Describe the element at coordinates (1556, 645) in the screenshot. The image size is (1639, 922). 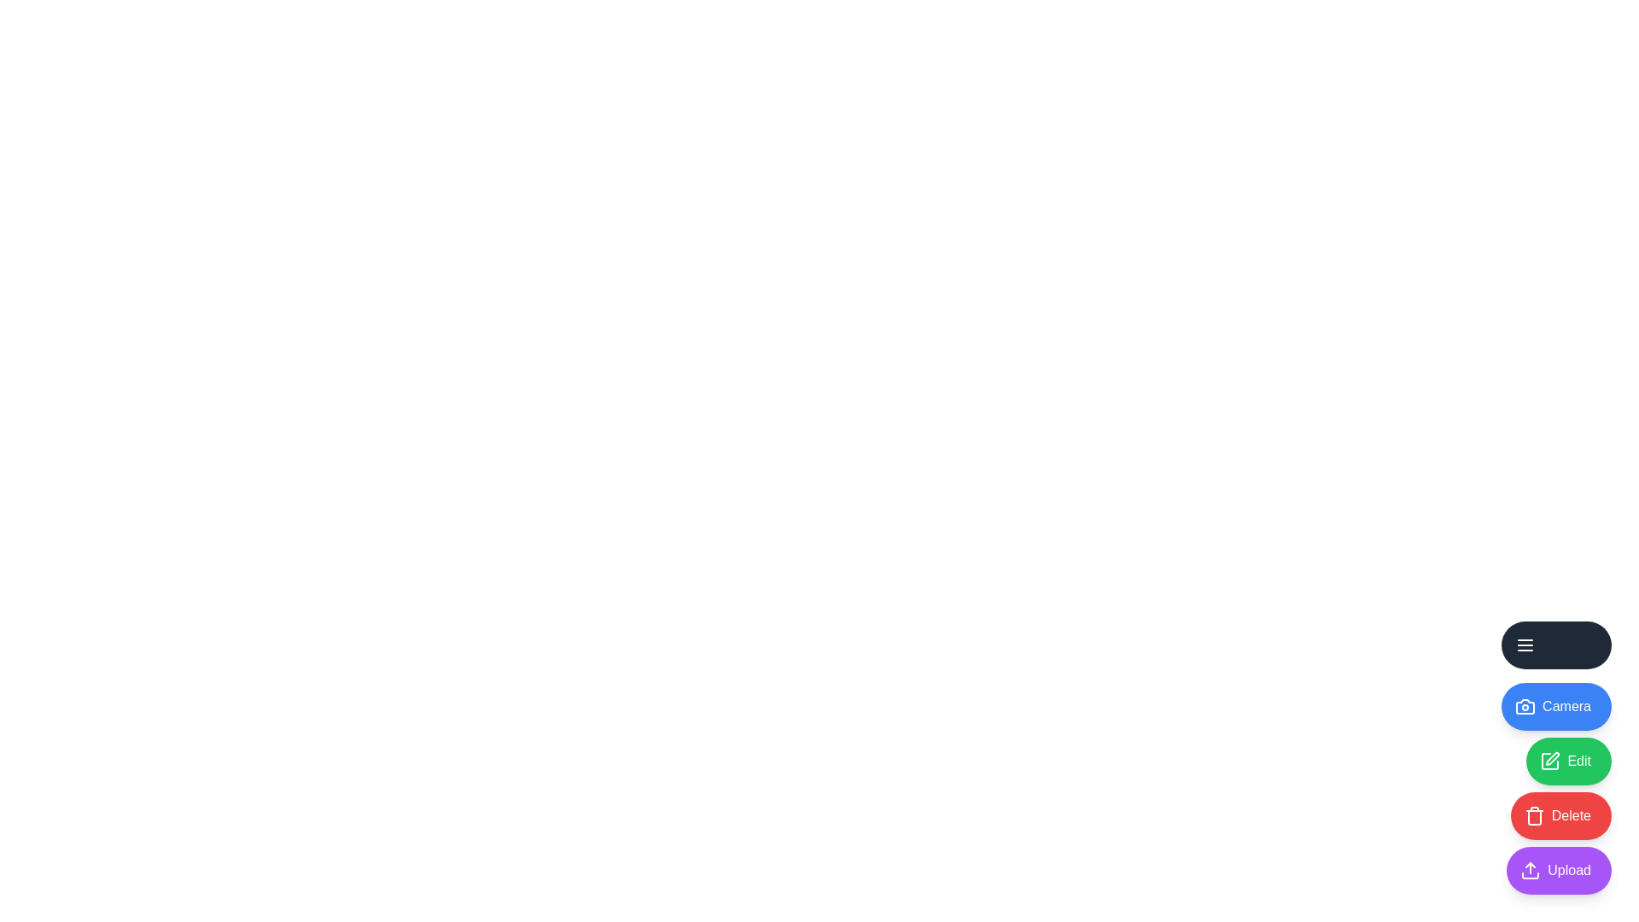
I see `the main menu button to toggle the menu expansion state` at that location.